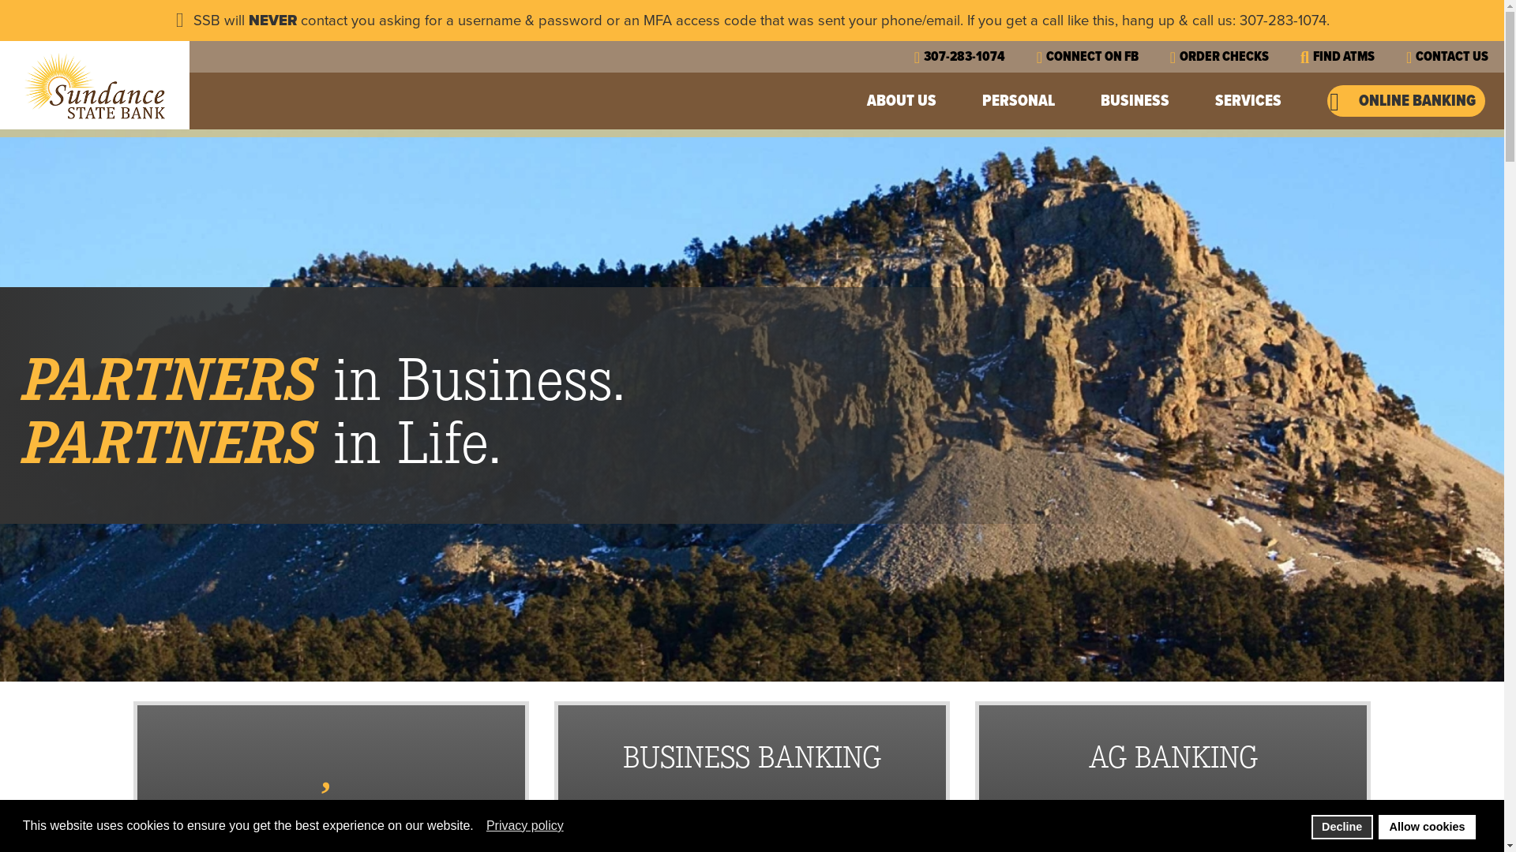 The height and width of the screenshot is (852, 1516). Describe the element at coordinates (1020, 100) in the screenshot. I see `'PERSONAL'` at that location.